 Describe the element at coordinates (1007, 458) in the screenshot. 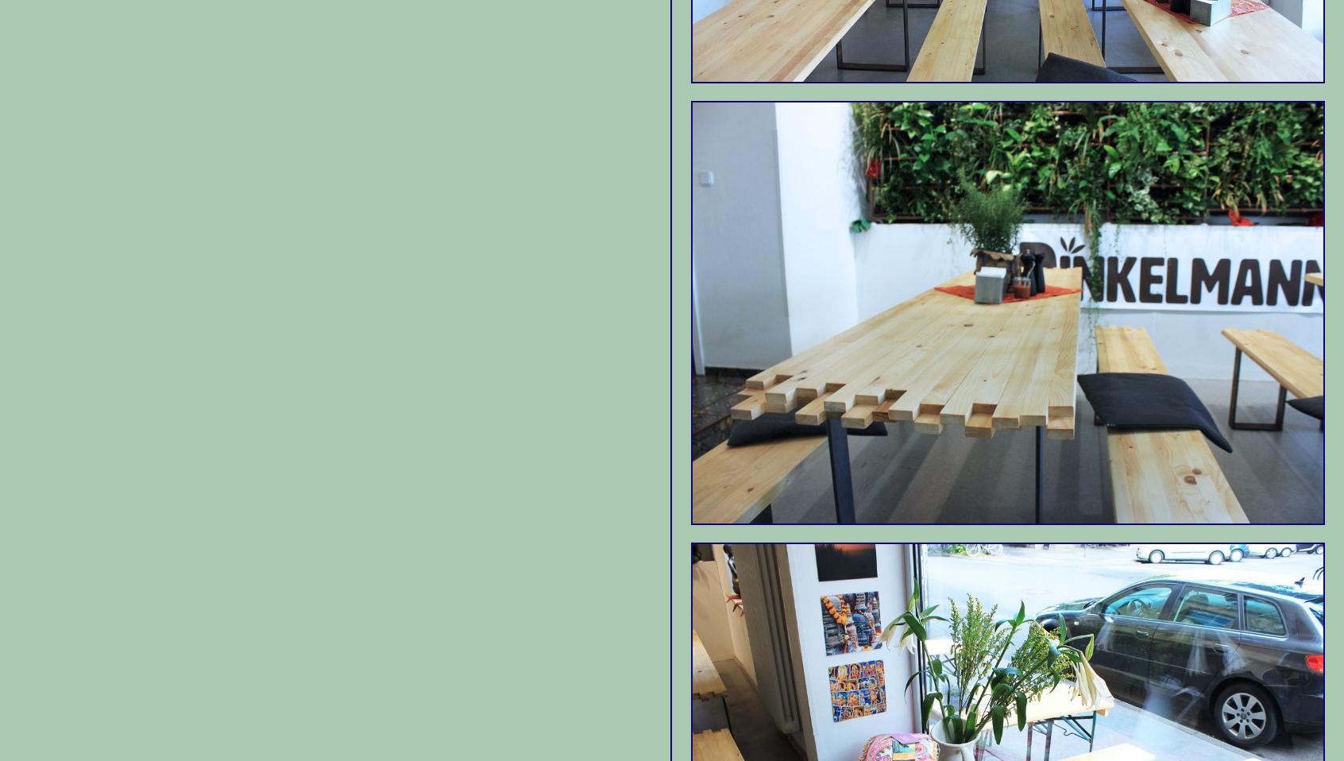

I see `'Cafe Schmitz'` at that location.